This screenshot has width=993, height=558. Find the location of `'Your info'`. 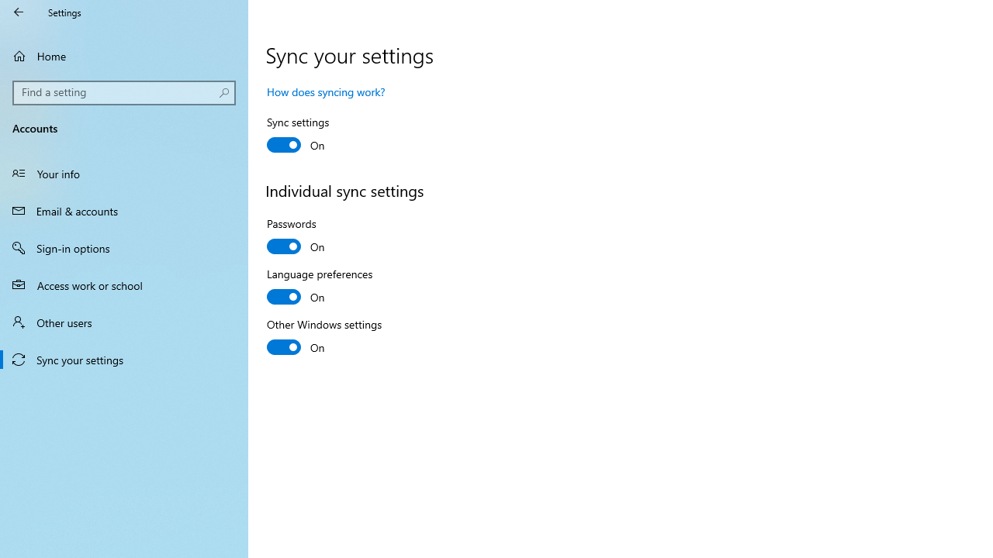

'Your info' is located at coordinates (124, 173).